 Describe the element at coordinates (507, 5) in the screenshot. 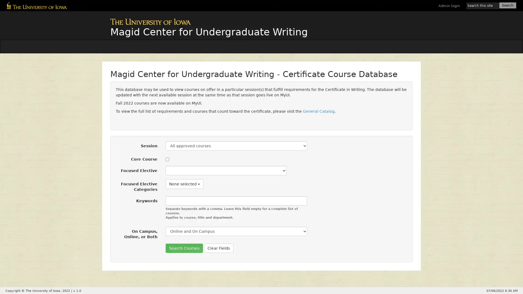

I see `Search` at that location.